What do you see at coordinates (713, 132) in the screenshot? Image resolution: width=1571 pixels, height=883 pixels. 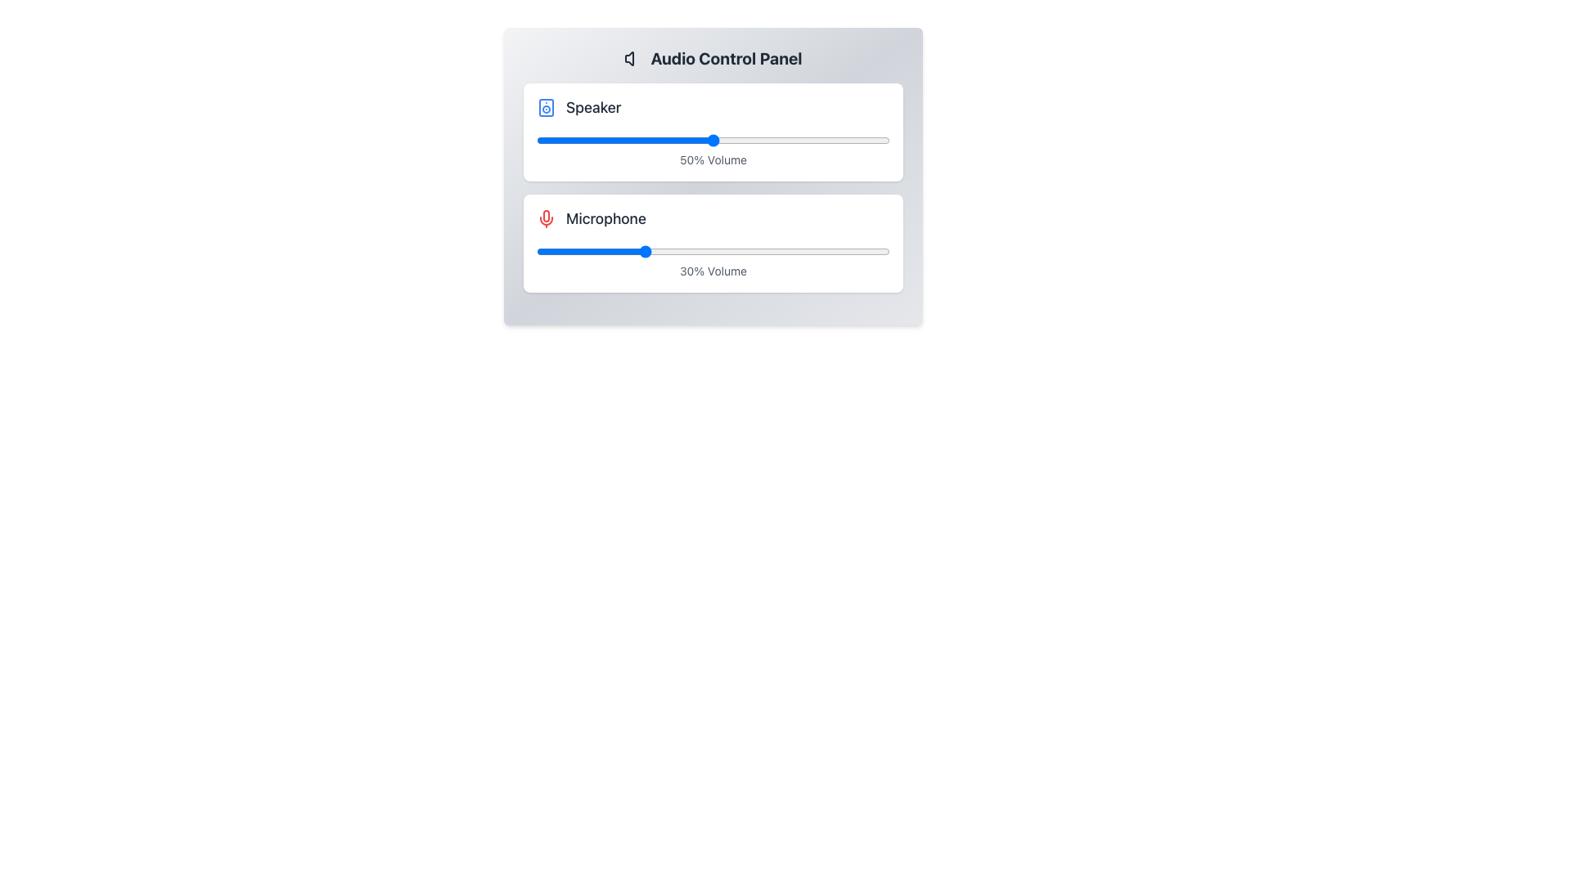 I see `the slider in the 'Audio Control Panel' which indicates 50% volume` at bounding box center [713, 132].